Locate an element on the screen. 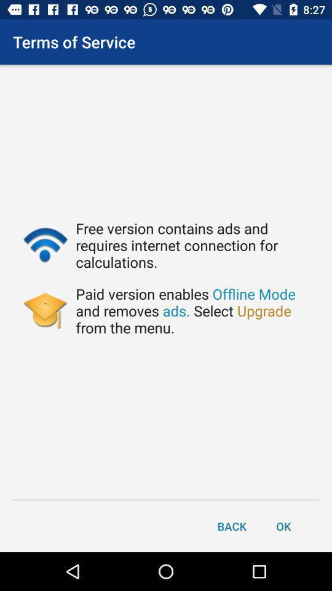  back item is located at coordinates (232, 525).